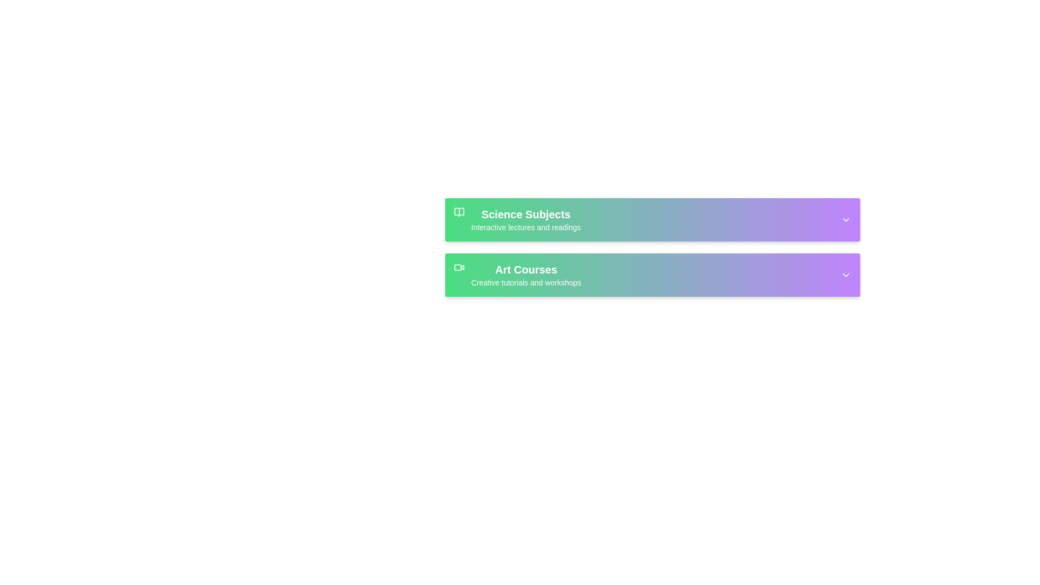  Describe the element at coordinates (526, 219) in the screenshot. I see `text of the selectable category titled 'Science Subjects', which is located to the right of a book icon and above the 'Art Courses' element` at that location.